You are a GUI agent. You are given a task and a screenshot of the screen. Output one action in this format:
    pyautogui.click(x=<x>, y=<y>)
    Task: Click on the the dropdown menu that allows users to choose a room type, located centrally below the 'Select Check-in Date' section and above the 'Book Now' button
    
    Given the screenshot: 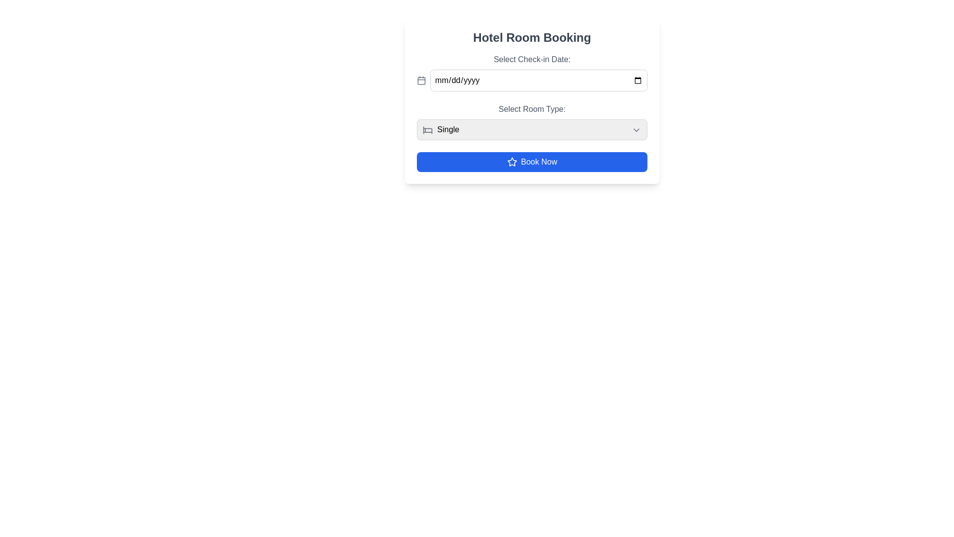 What is the action you would take?
    pyautogui.click(x=531, y=121)
    